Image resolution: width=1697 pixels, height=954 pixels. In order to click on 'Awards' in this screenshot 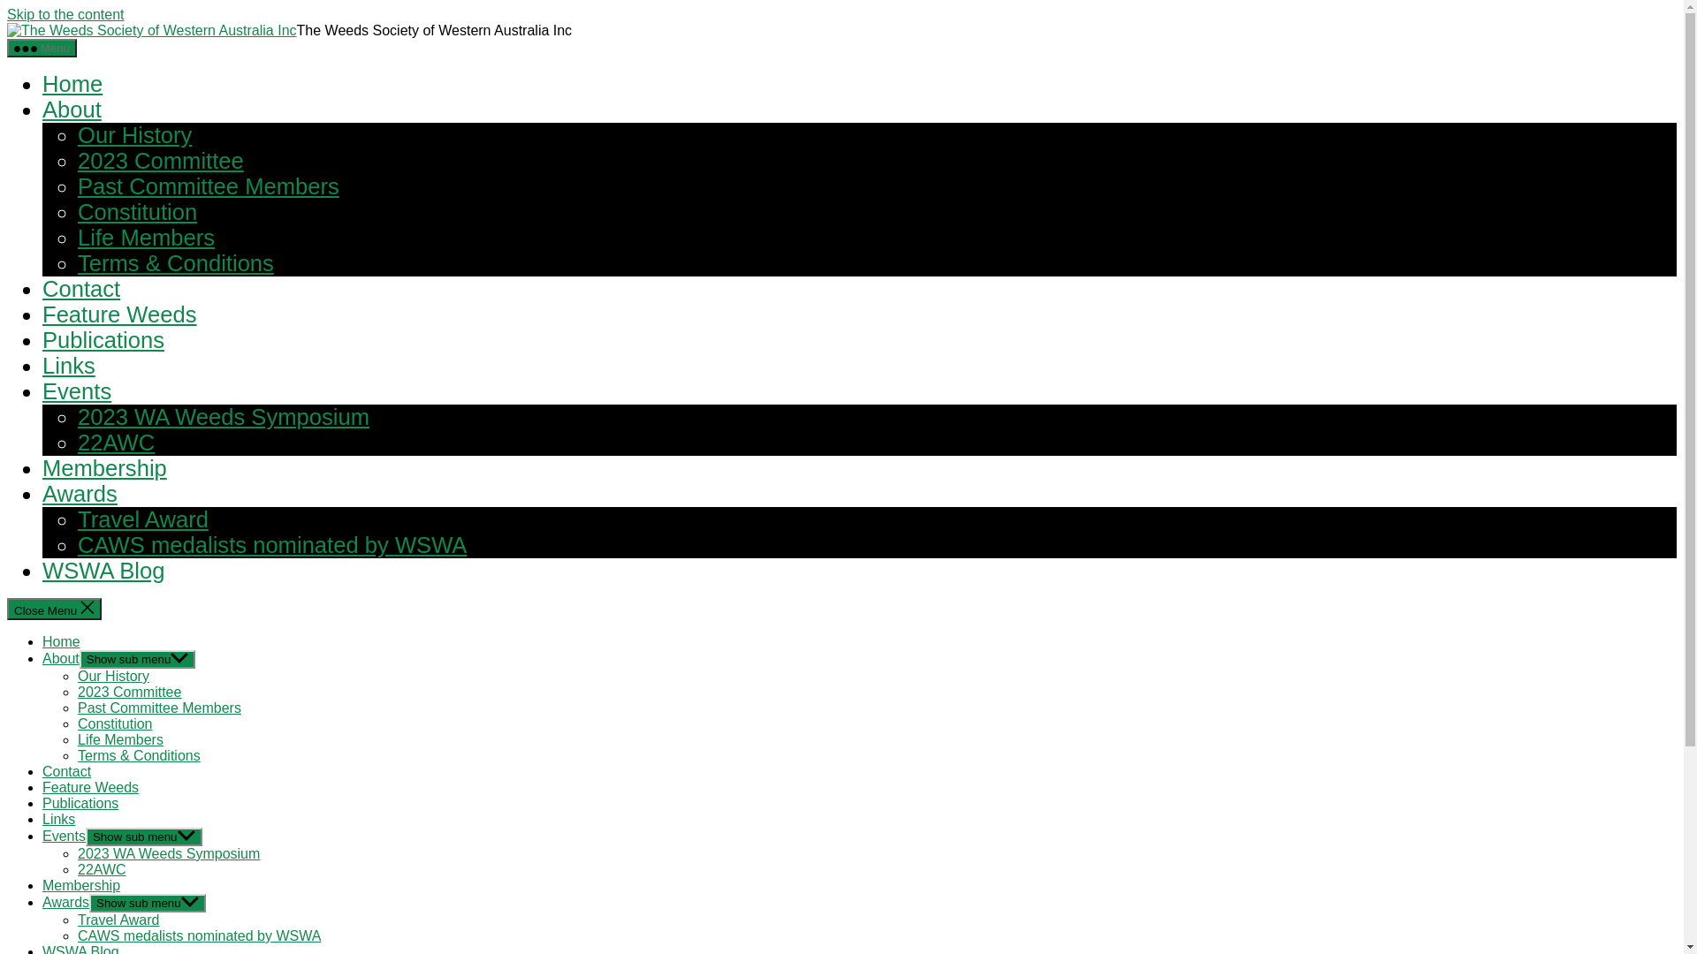, I will do `click(42, 494)`.